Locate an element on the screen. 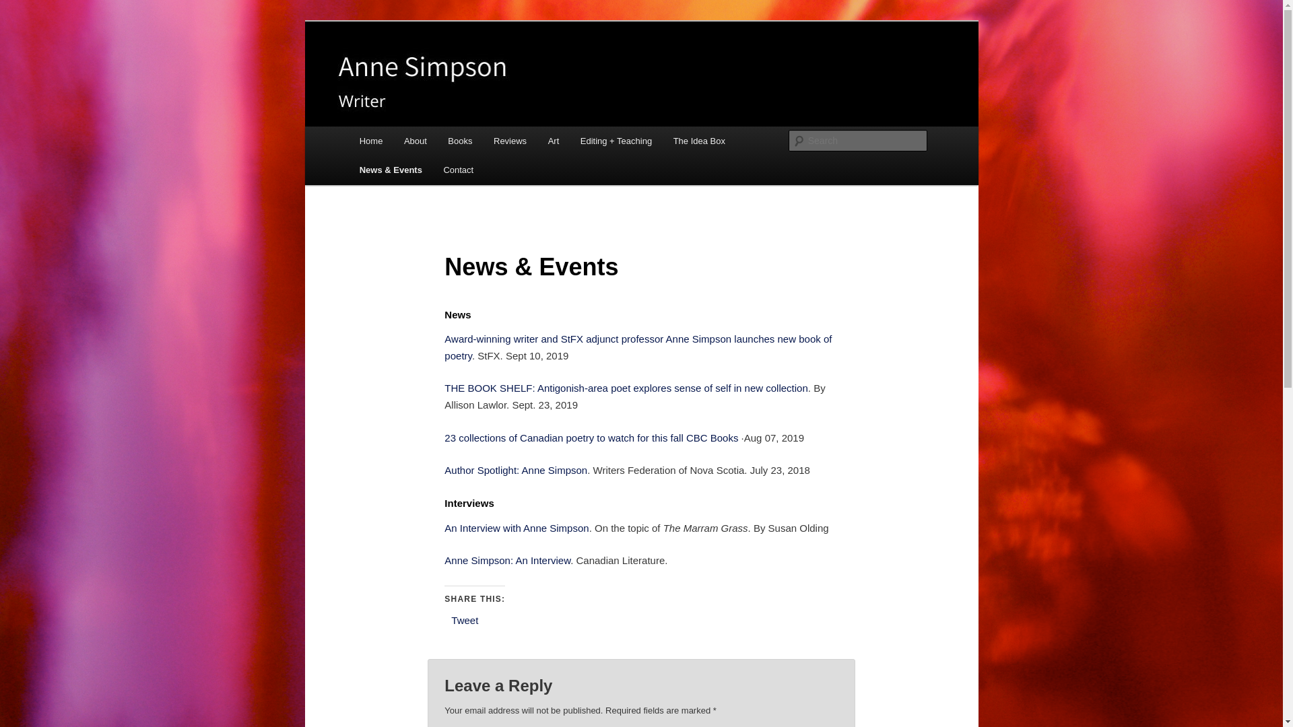 The image size is (1293, 727). 'Editing + Teaching' is located at coordinates (616, 141).